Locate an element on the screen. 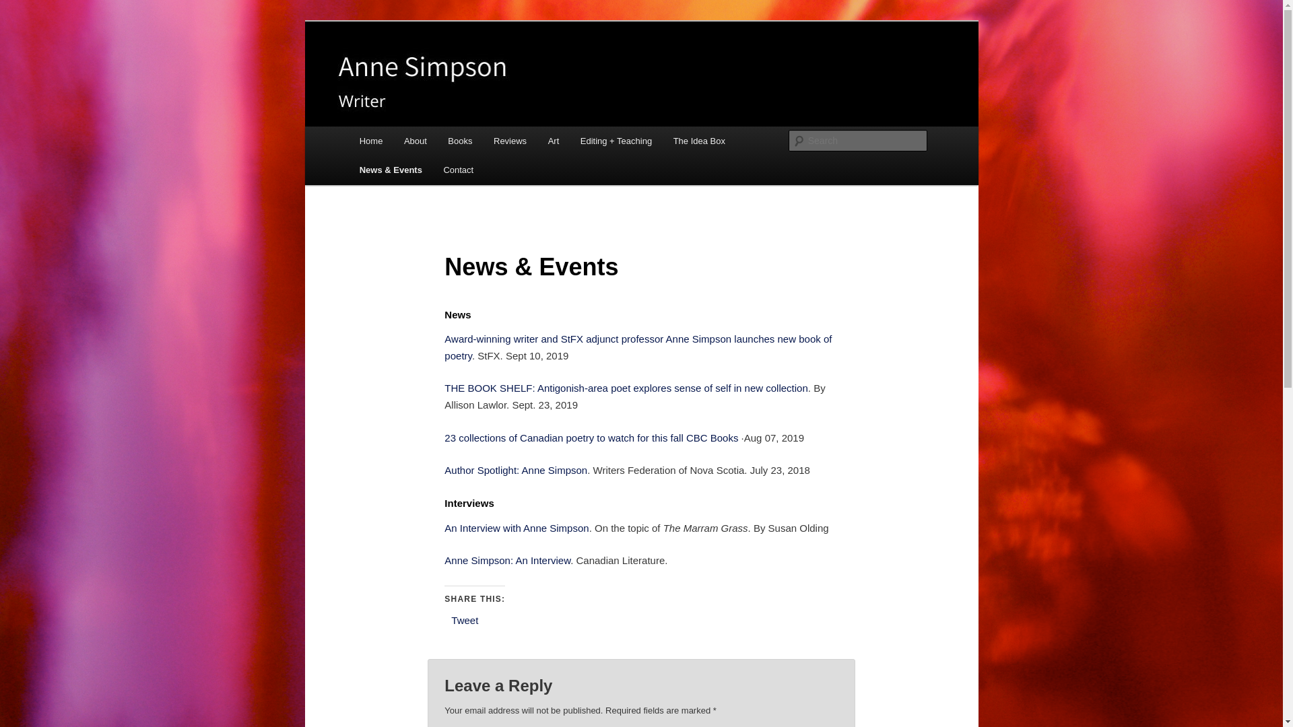 The image size is (1293, 727). 'Editing + Teaching' is located at coordinates (616, 141).